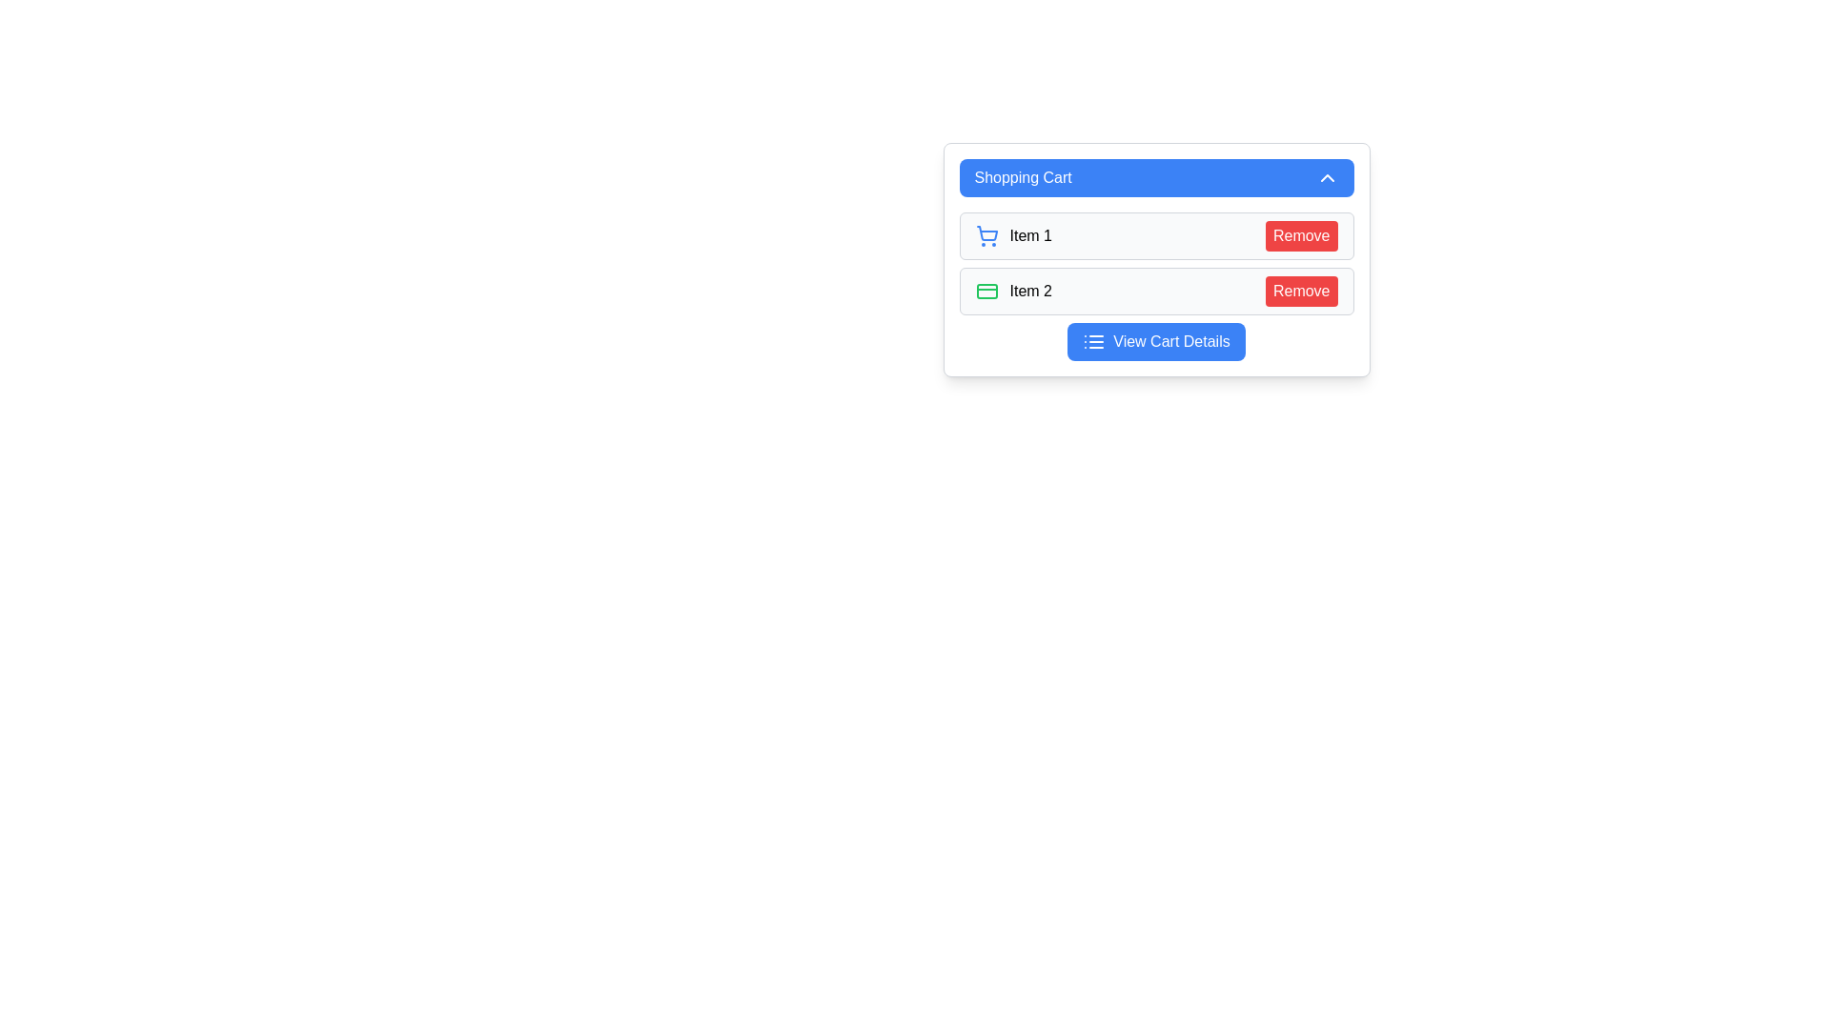 Image resolution: width=1830 pixels, height=1029 pixels. What do you see at coordinates (1155, 286) in the screenshot?
I see `the second row of the shopping cart list item displaying details for 'Item 2'` at bounding box center [1155, 286].